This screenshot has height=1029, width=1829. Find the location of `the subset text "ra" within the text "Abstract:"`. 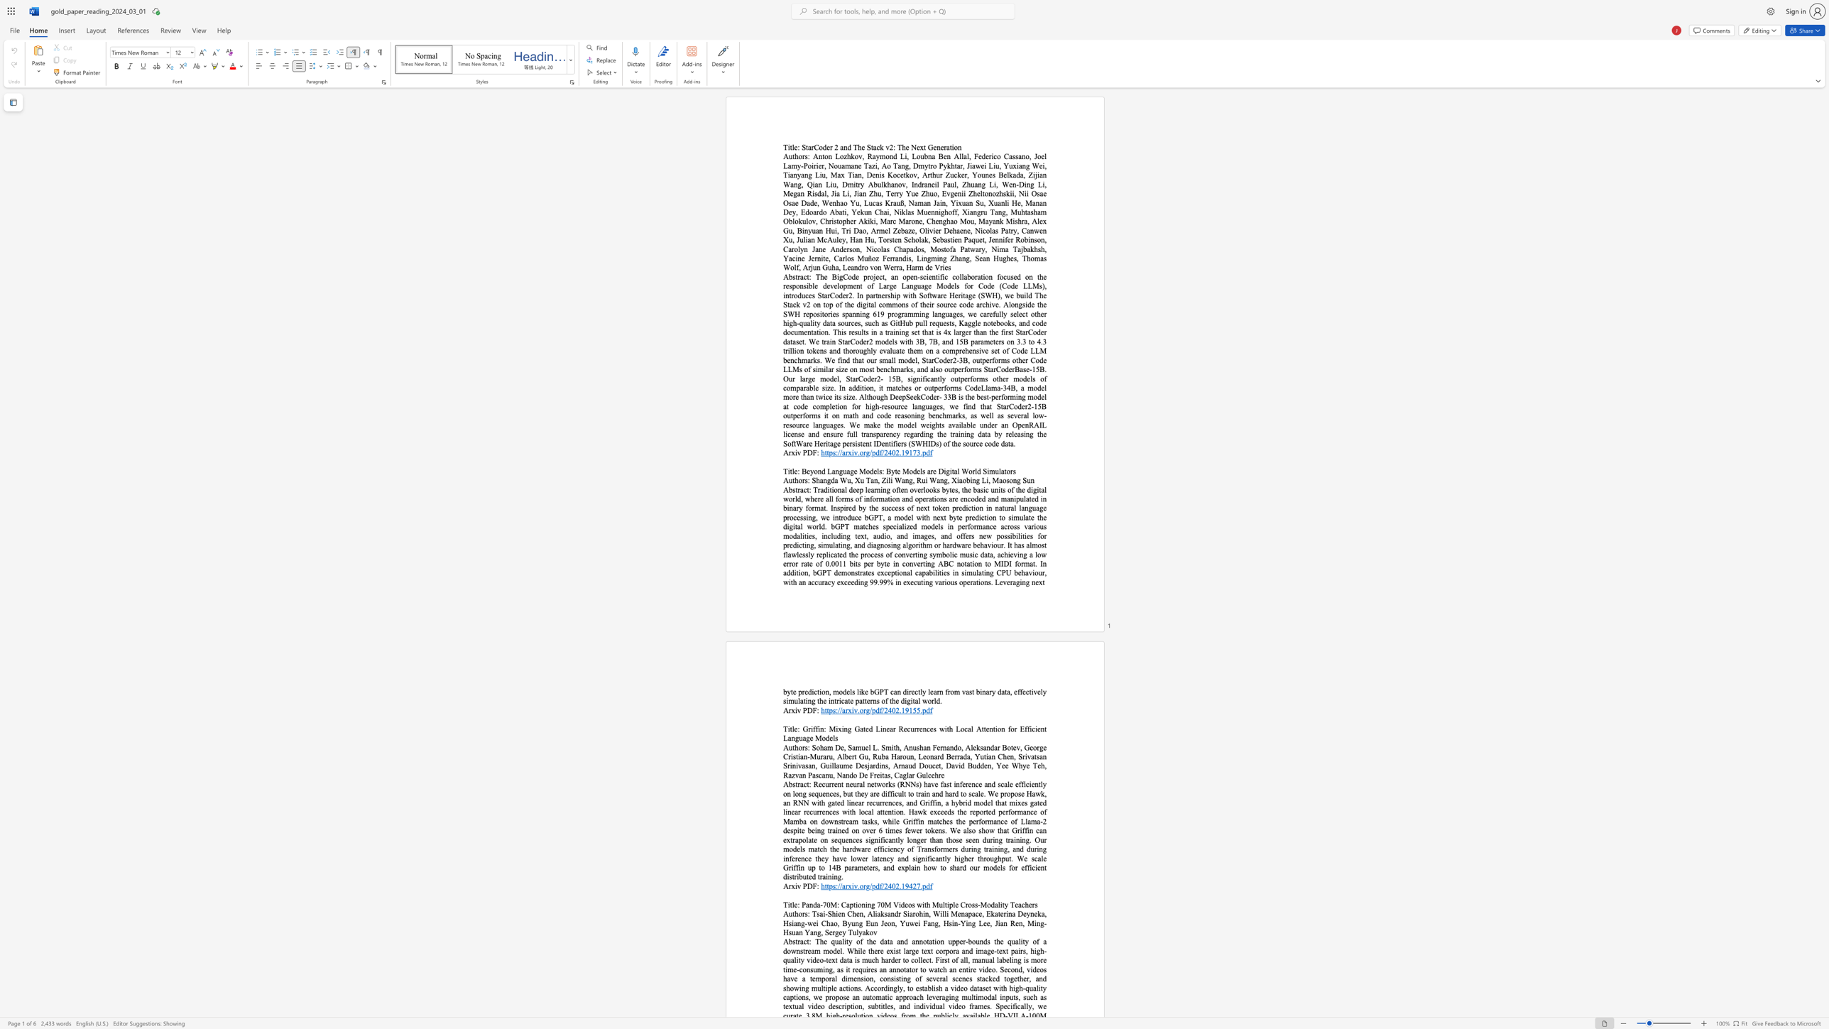

the subset text "ra" within the text "Abstract:" is located at coordinates (797, 489).